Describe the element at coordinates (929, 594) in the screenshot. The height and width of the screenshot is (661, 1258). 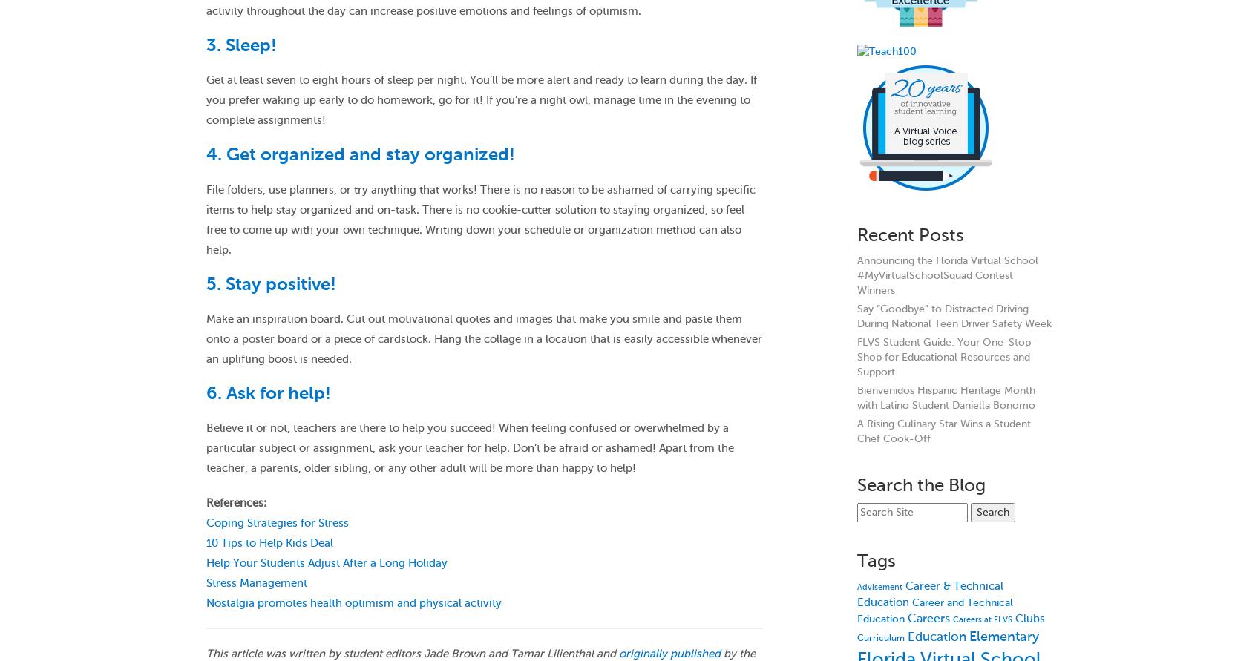
I see `'Career & Technical Education'` at that location.